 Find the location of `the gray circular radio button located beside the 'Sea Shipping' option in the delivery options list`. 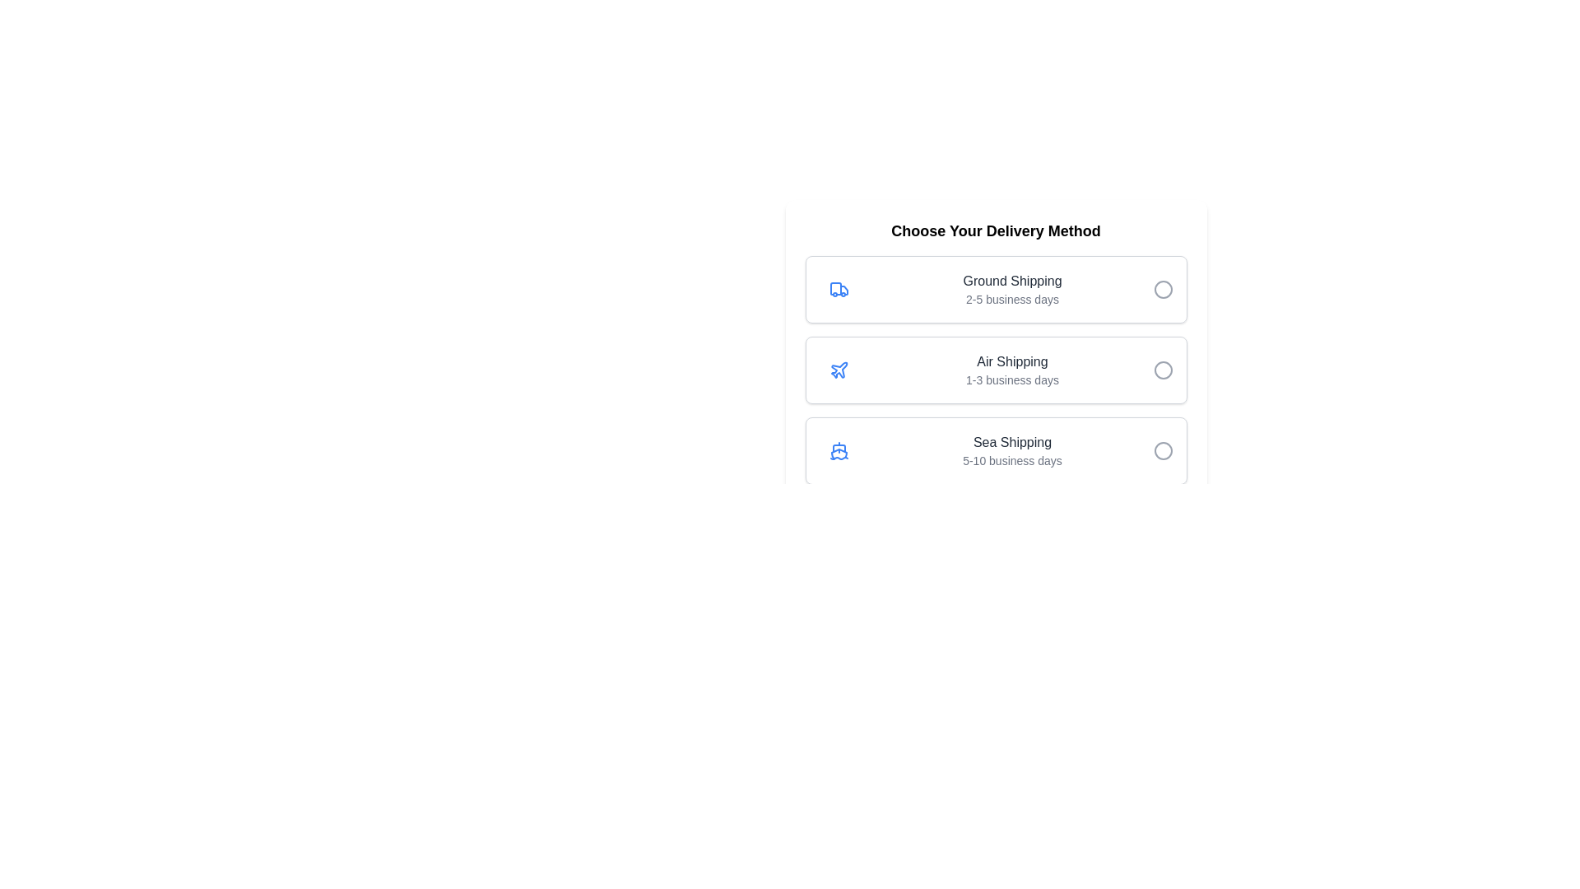

the gray circular radio button located beside the 'Sea Shipping' option in the delivery options list is located at coordinates (1162, 450).